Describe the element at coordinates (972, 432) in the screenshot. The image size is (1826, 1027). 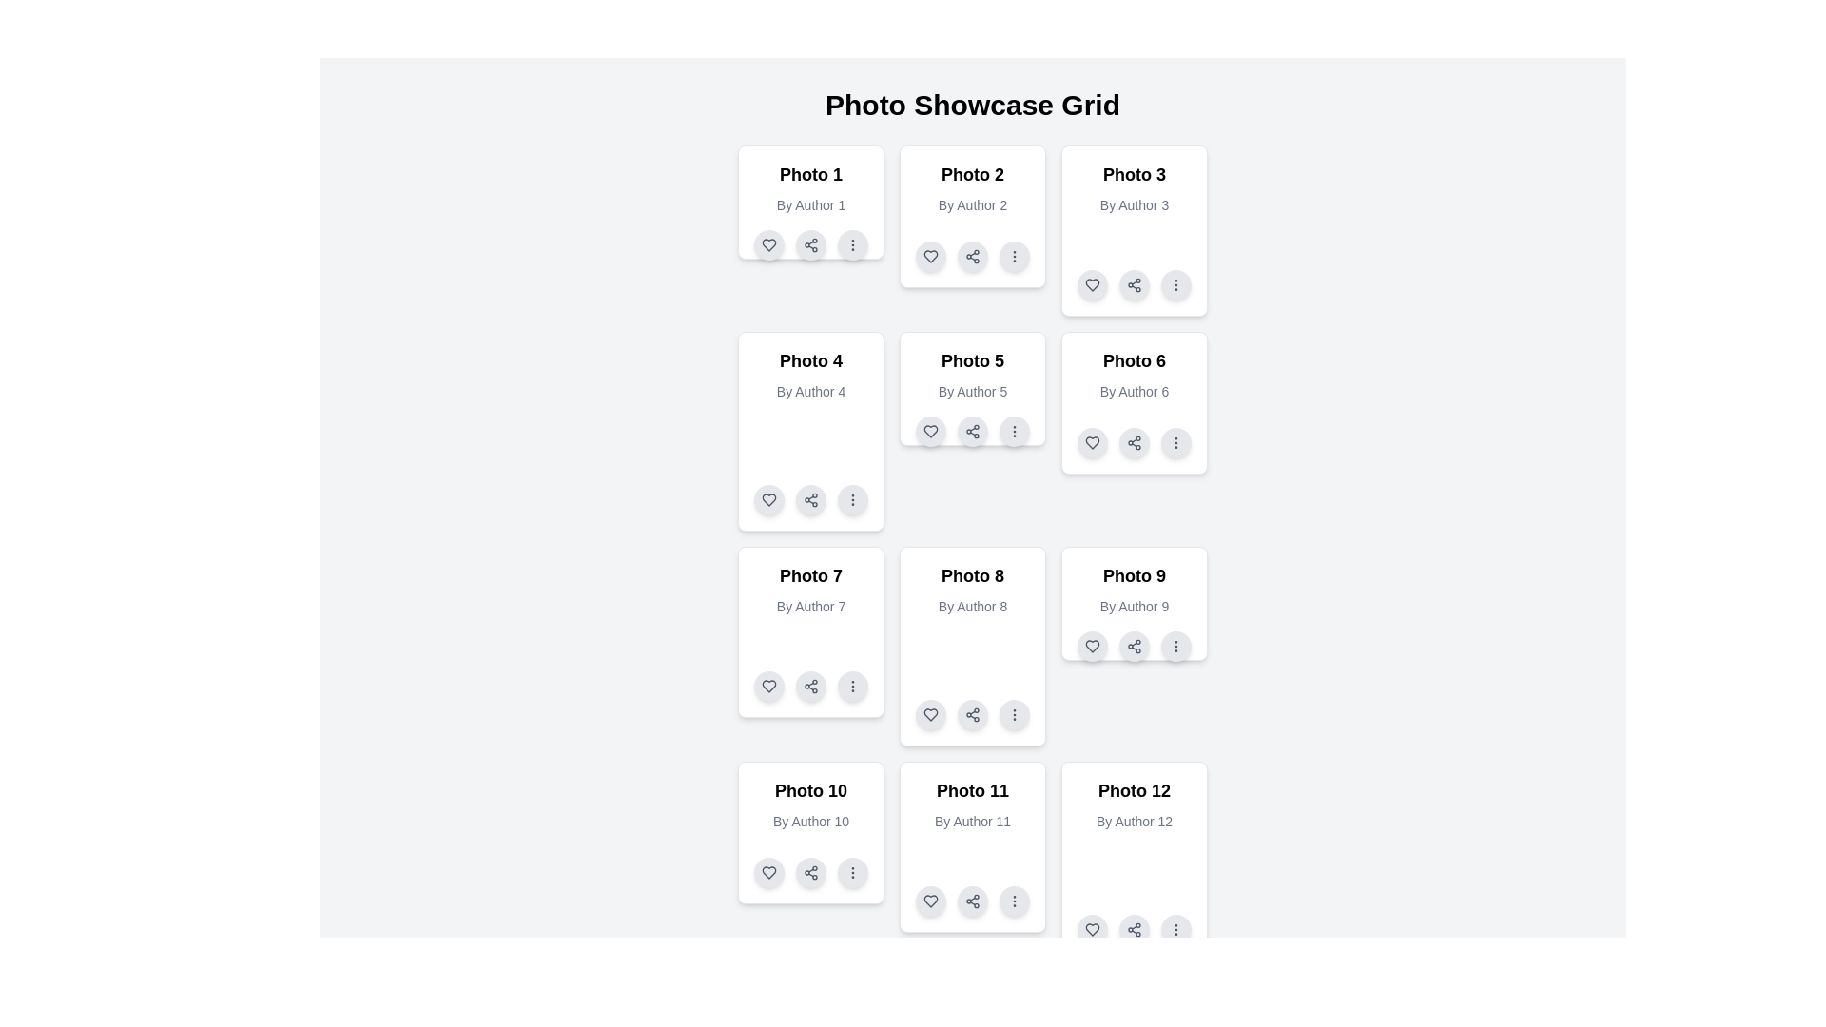
I see `the sharing button located in the action button group under the card labeled 'Photo 5' by 'Author 5'` at that location.